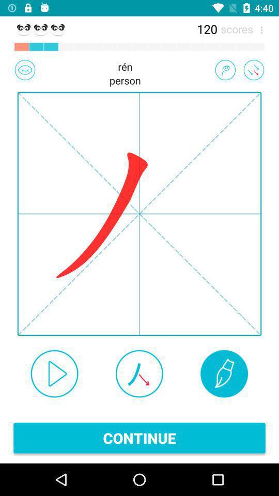  Describe the element at coordinates (224, 373) in the screenshot. I see `paint` at that location.